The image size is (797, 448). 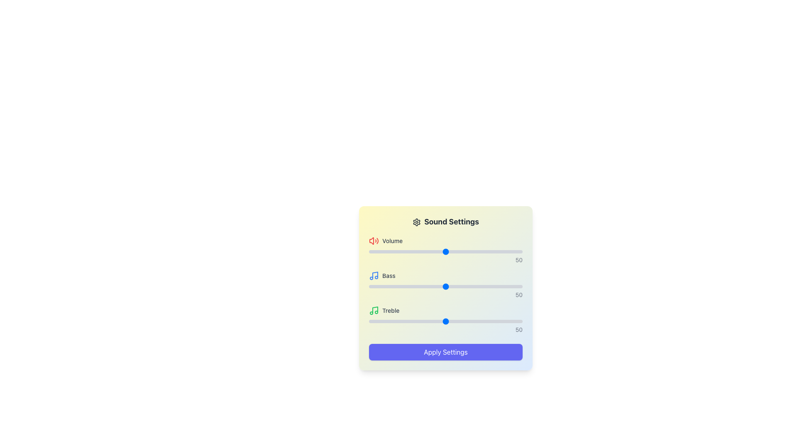 I want to click on the volume level, so click(x=474, y=251).